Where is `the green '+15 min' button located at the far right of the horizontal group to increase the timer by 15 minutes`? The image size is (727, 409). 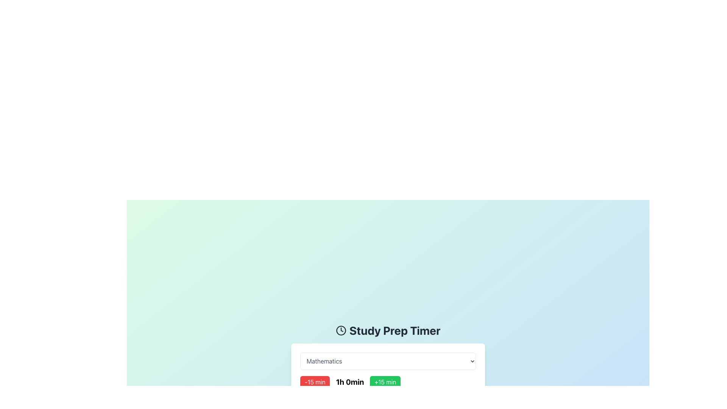
the green '+15 min' button located at the far right of the horizontal group to increase the timer by 15 minutes is located at coordinates (385, 382).